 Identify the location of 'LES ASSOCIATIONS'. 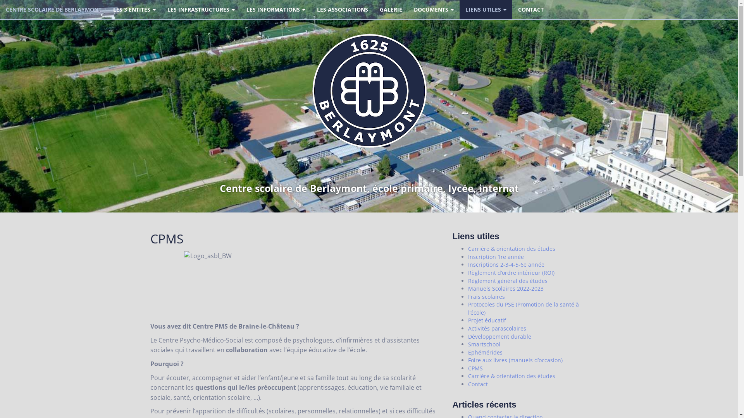
(342, 9).